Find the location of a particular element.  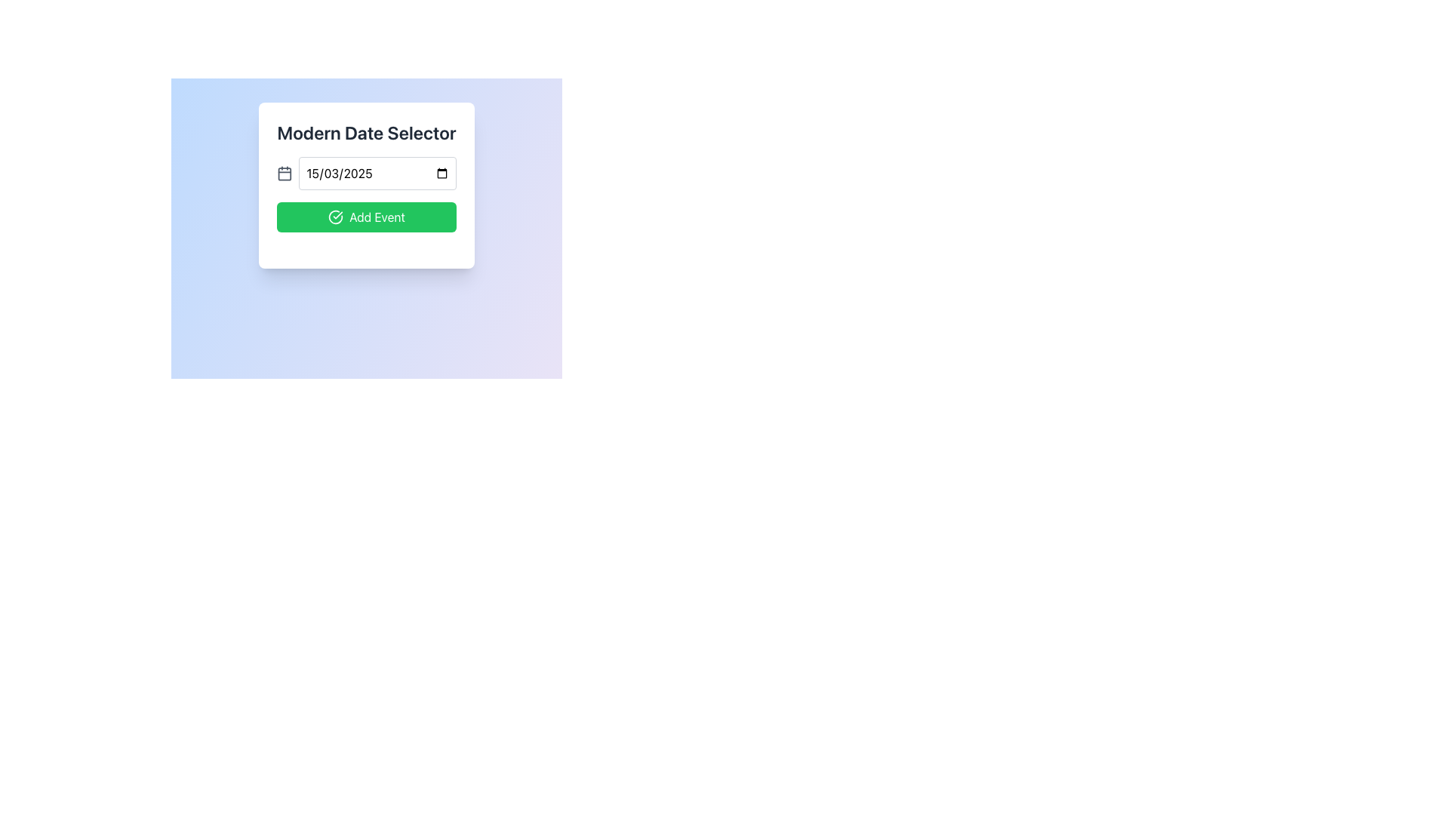

the main body of the calendar icon, which is represented by a rectangular SVG shape with rounded corners is located at coordinates (285, 173).